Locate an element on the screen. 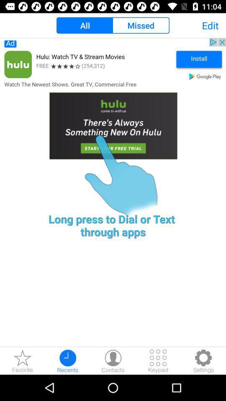  rate the app is located at coordinates (23, 360).